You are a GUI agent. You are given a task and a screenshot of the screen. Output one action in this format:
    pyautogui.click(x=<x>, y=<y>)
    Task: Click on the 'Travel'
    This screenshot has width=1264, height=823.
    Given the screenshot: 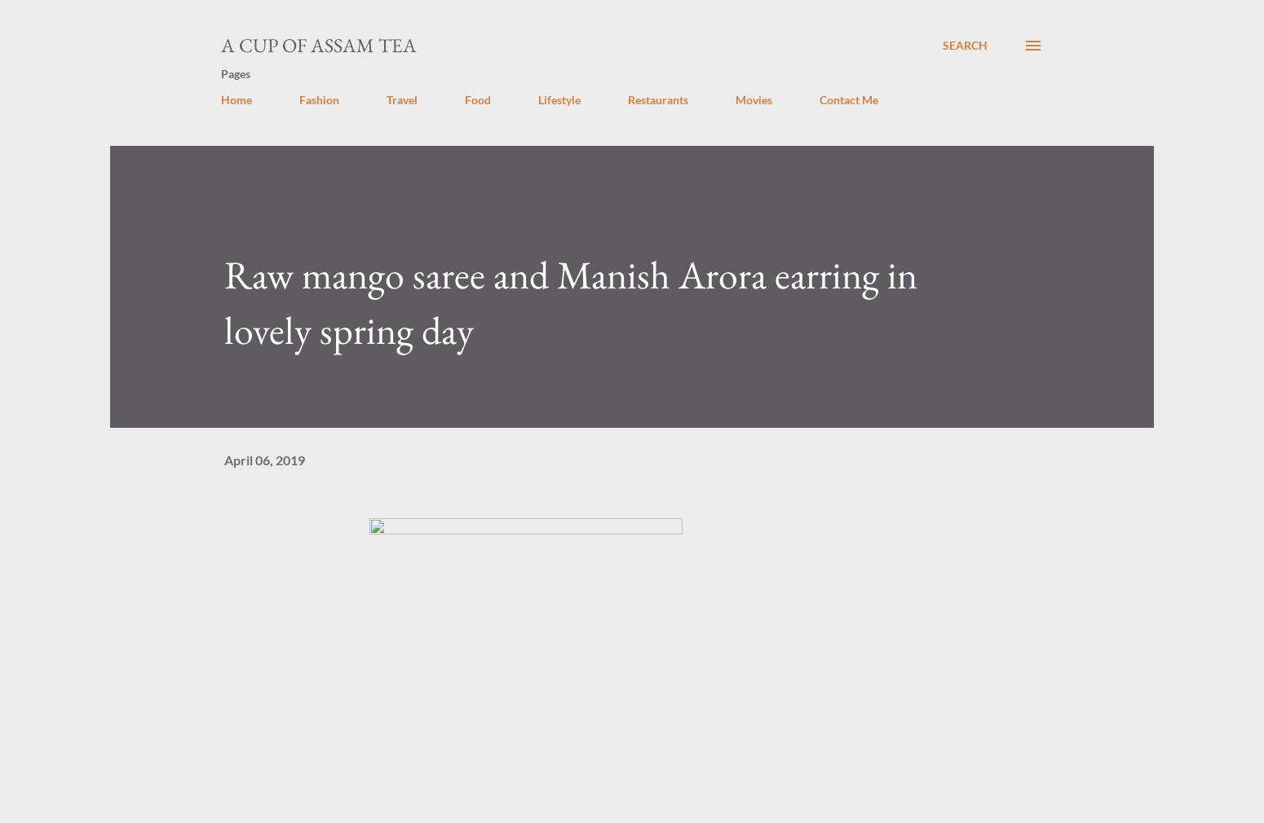 What is the action you would take?
    pyautogui.click(x=401, y=99)
    